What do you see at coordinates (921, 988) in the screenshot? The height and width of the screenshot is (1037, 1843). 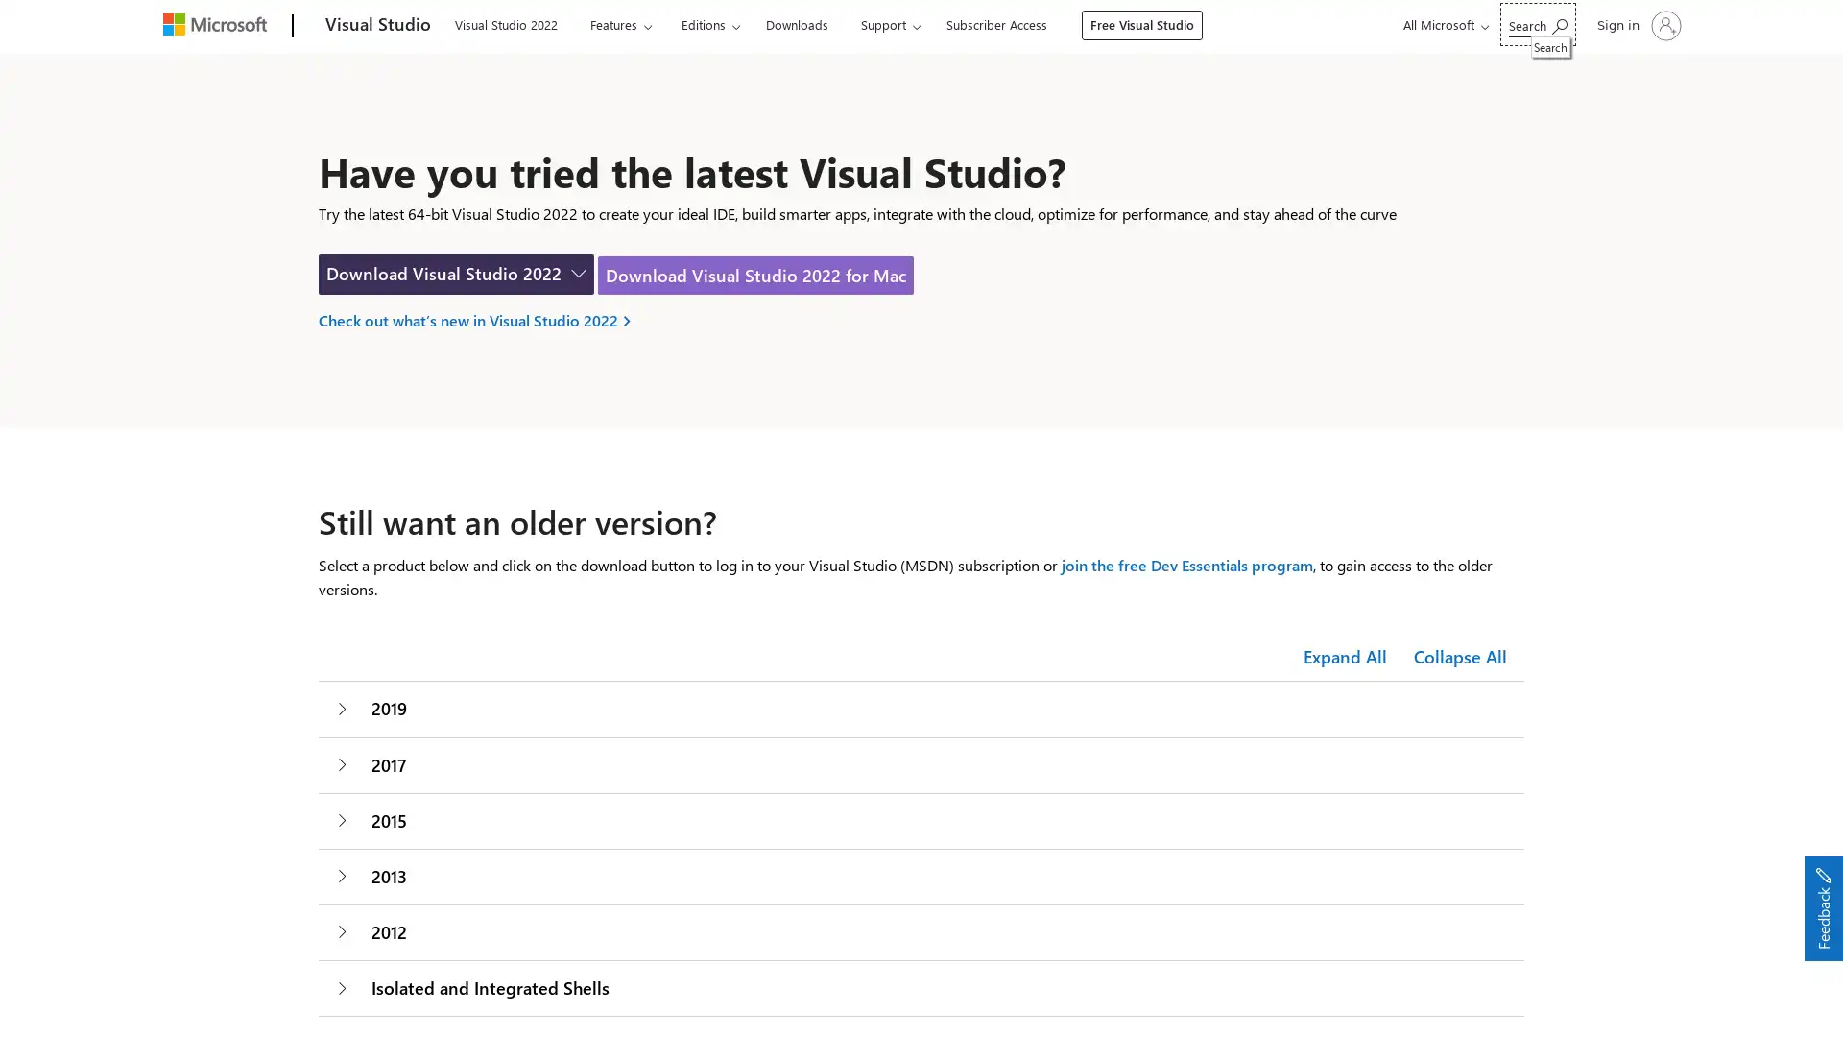 I see `Isolated and Integrated Shells` at bounding box center [921, 988].